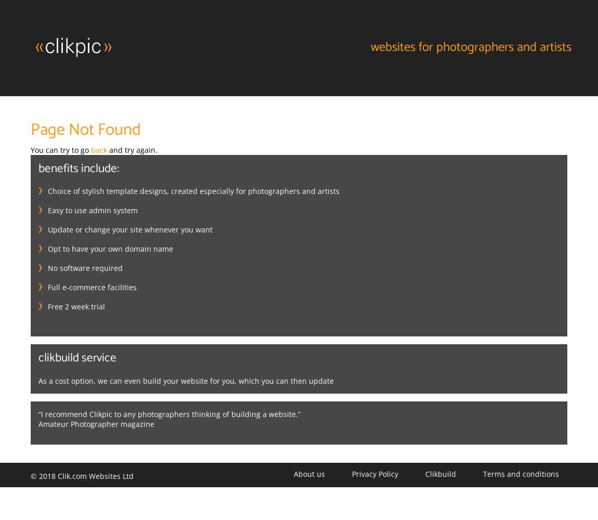 The height and width of the screenshot is (520, 598). I want to click on 'As a cost option, we can even build your website for you, which you can then update', so click(186, 380).